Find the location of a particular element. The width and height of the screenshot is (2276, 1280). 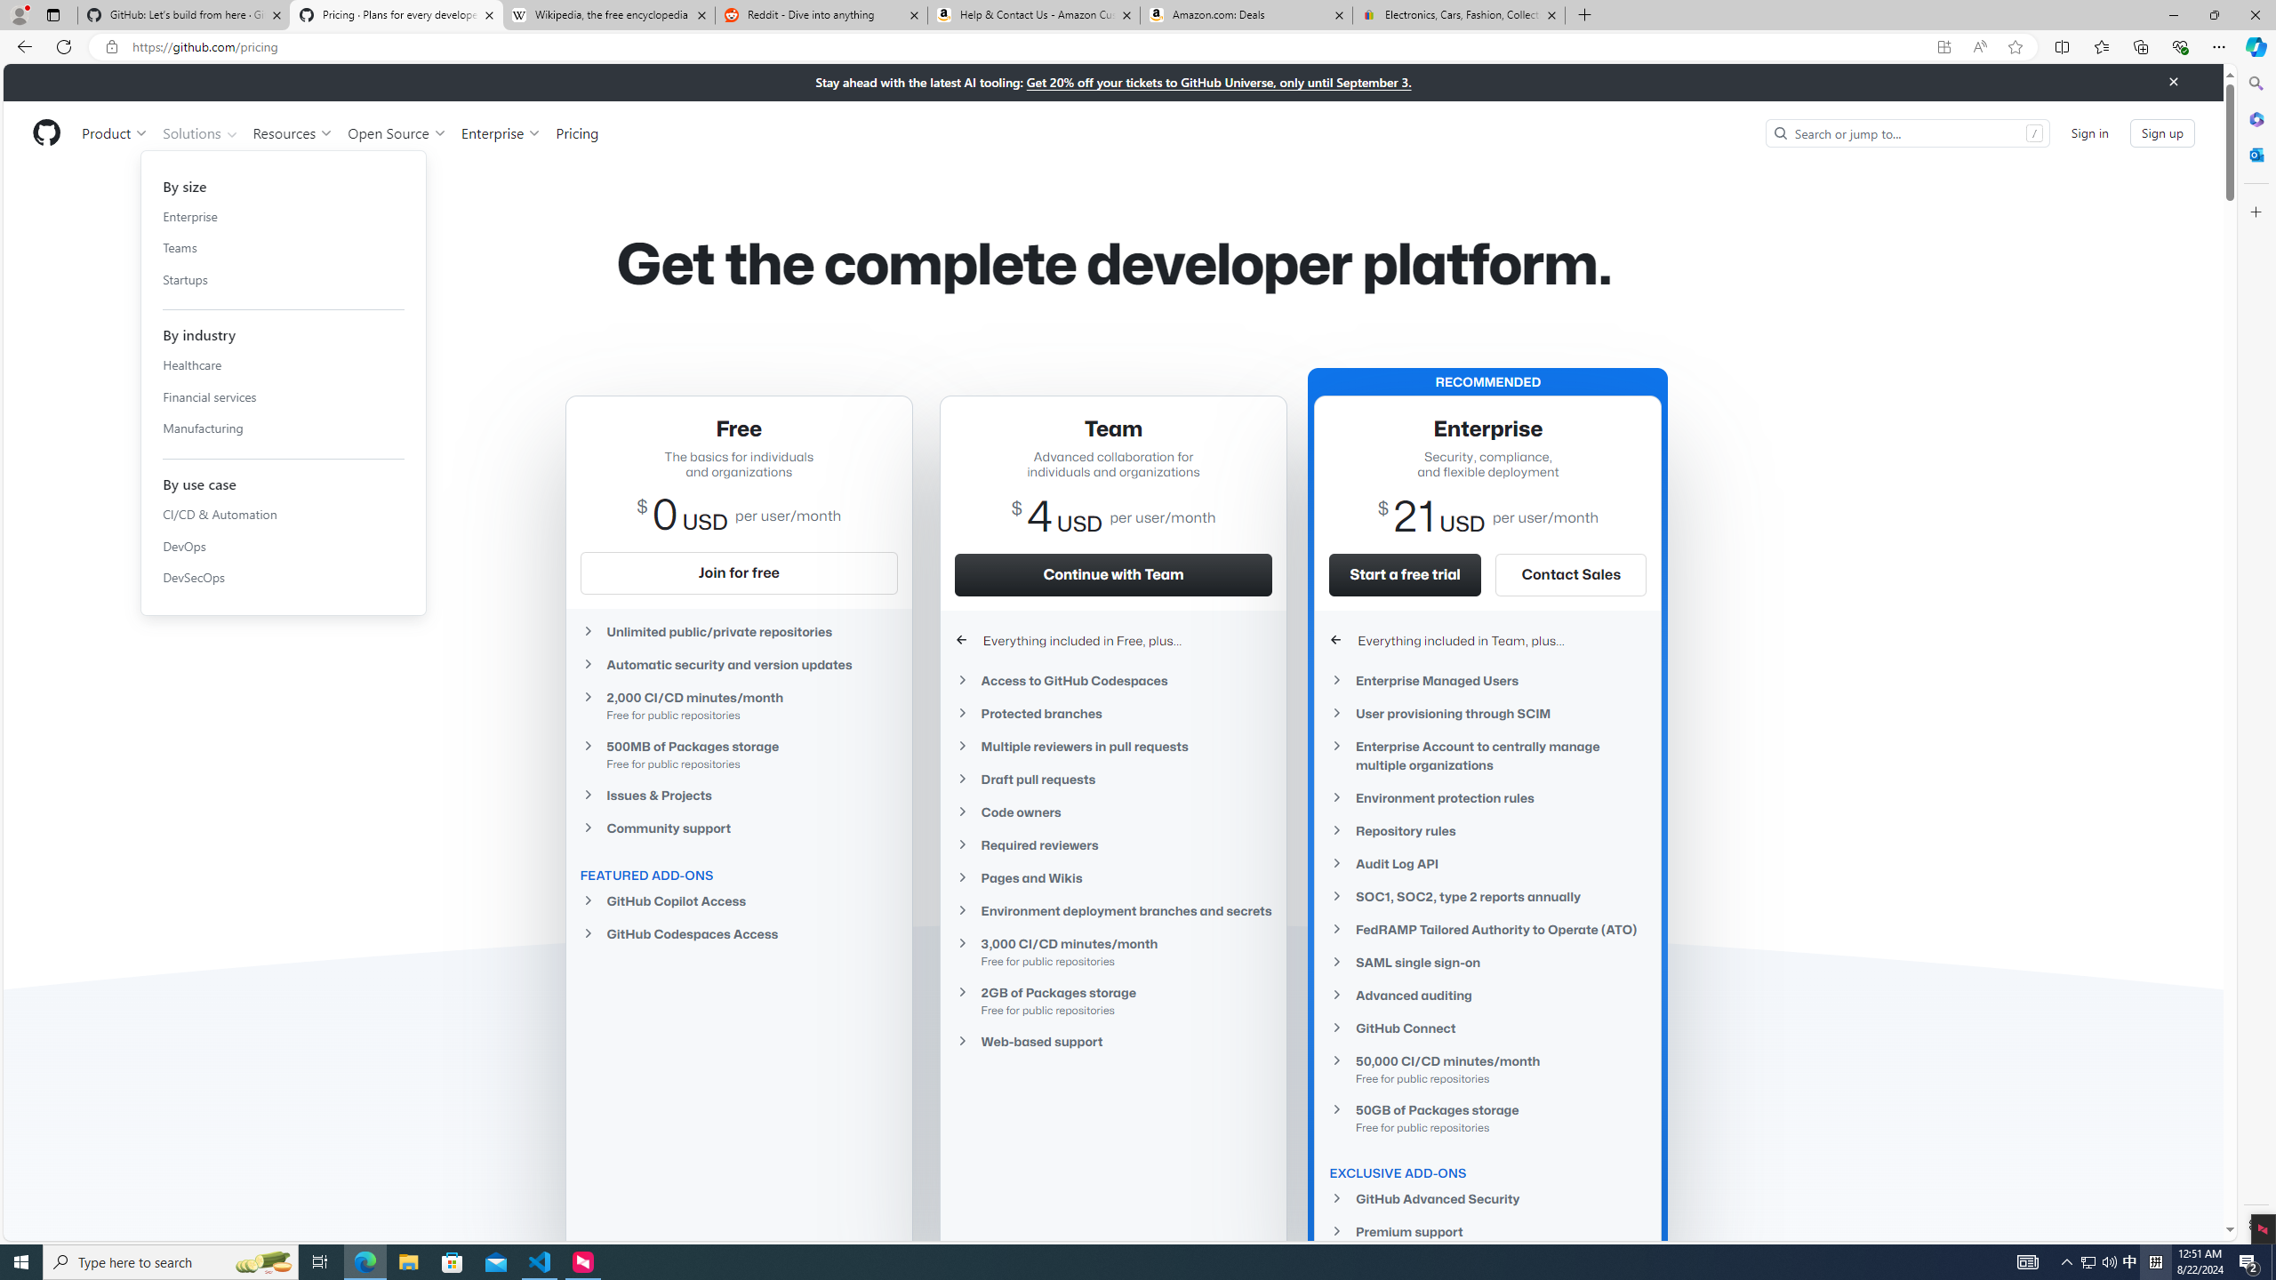

'Required reviewers' is located at coordinates (1112, 844).